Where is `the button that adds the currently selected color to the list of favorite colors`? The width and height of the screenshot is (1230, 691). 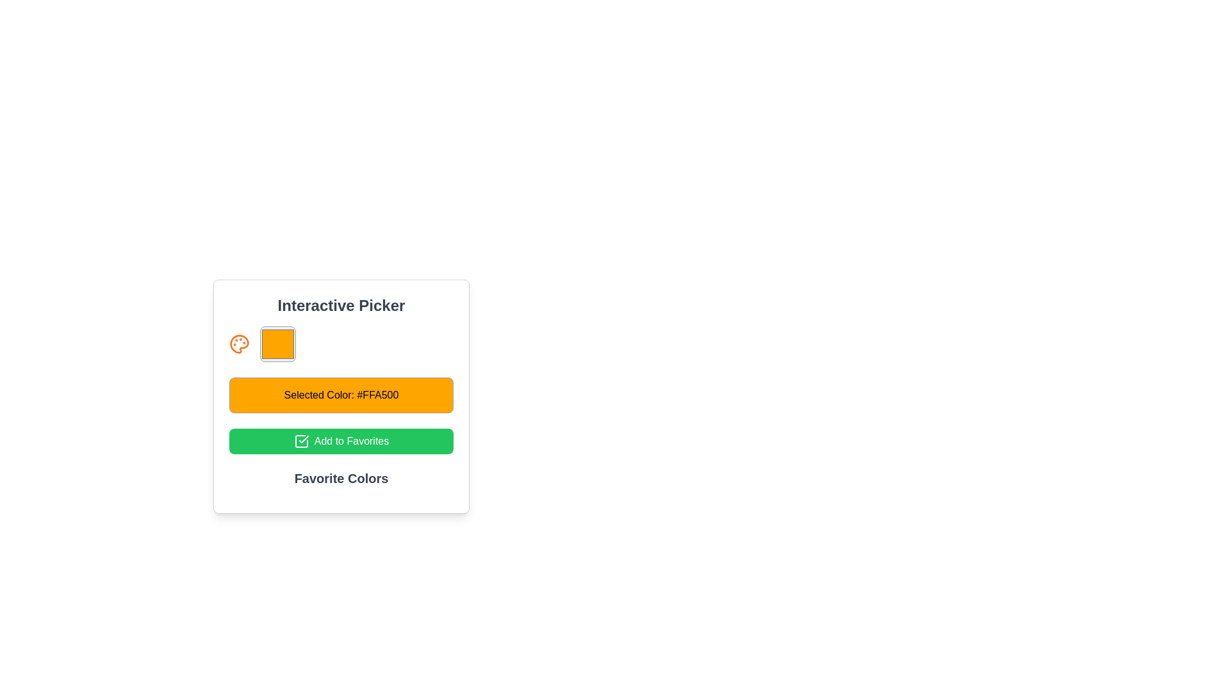 the button that adds the currently selected color to the list of favorite colors is located at coordinates (341, 441).